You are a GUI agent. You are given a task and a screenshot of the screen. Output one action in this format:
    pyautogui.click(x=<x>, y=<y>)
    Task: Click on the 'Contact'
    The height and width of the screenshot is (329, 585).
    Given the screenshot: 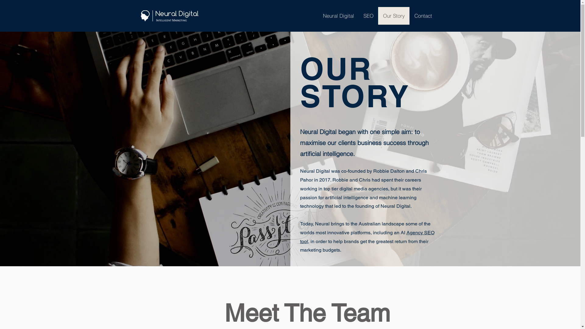 What is the action you would take?
    pyautogui.click(x=423, y=15)
    